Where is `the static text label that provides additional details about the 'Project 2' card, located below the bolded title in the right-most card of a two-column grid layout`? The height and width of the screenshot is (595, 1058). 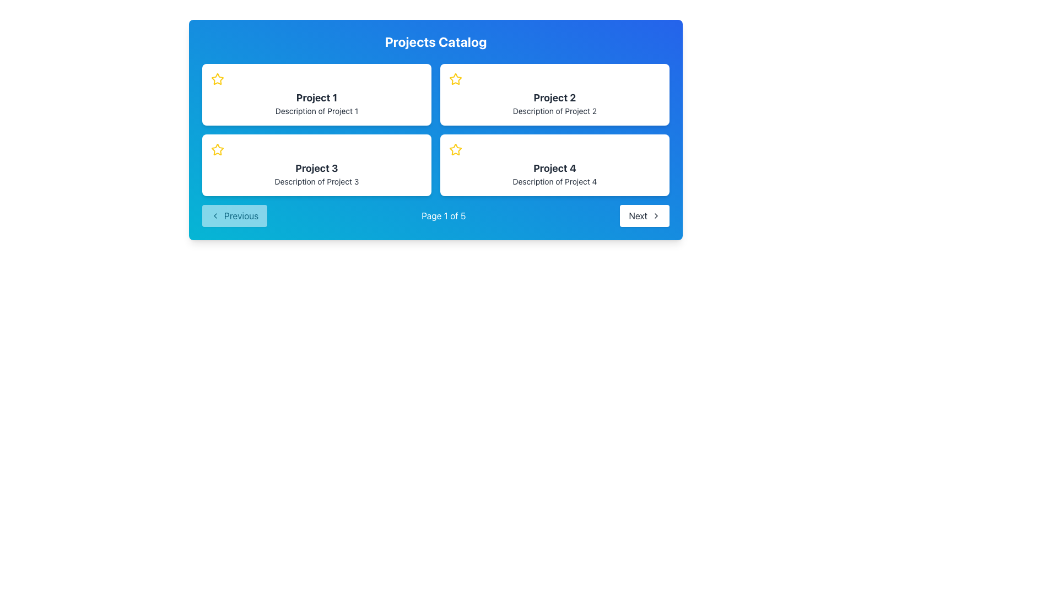 the static text label that provides additional details about the 'Project 2' card, located below the bolded title in the right-most card of a two-column grid layout is located at coordinates (555, 111).